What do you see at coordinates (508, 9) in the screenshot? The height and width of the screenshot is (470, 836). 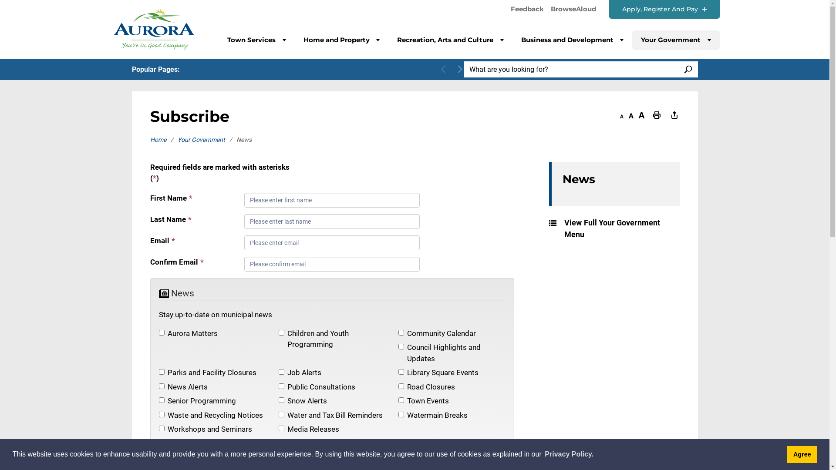 I see `'Feedback'` at bounding box center [508, 9].